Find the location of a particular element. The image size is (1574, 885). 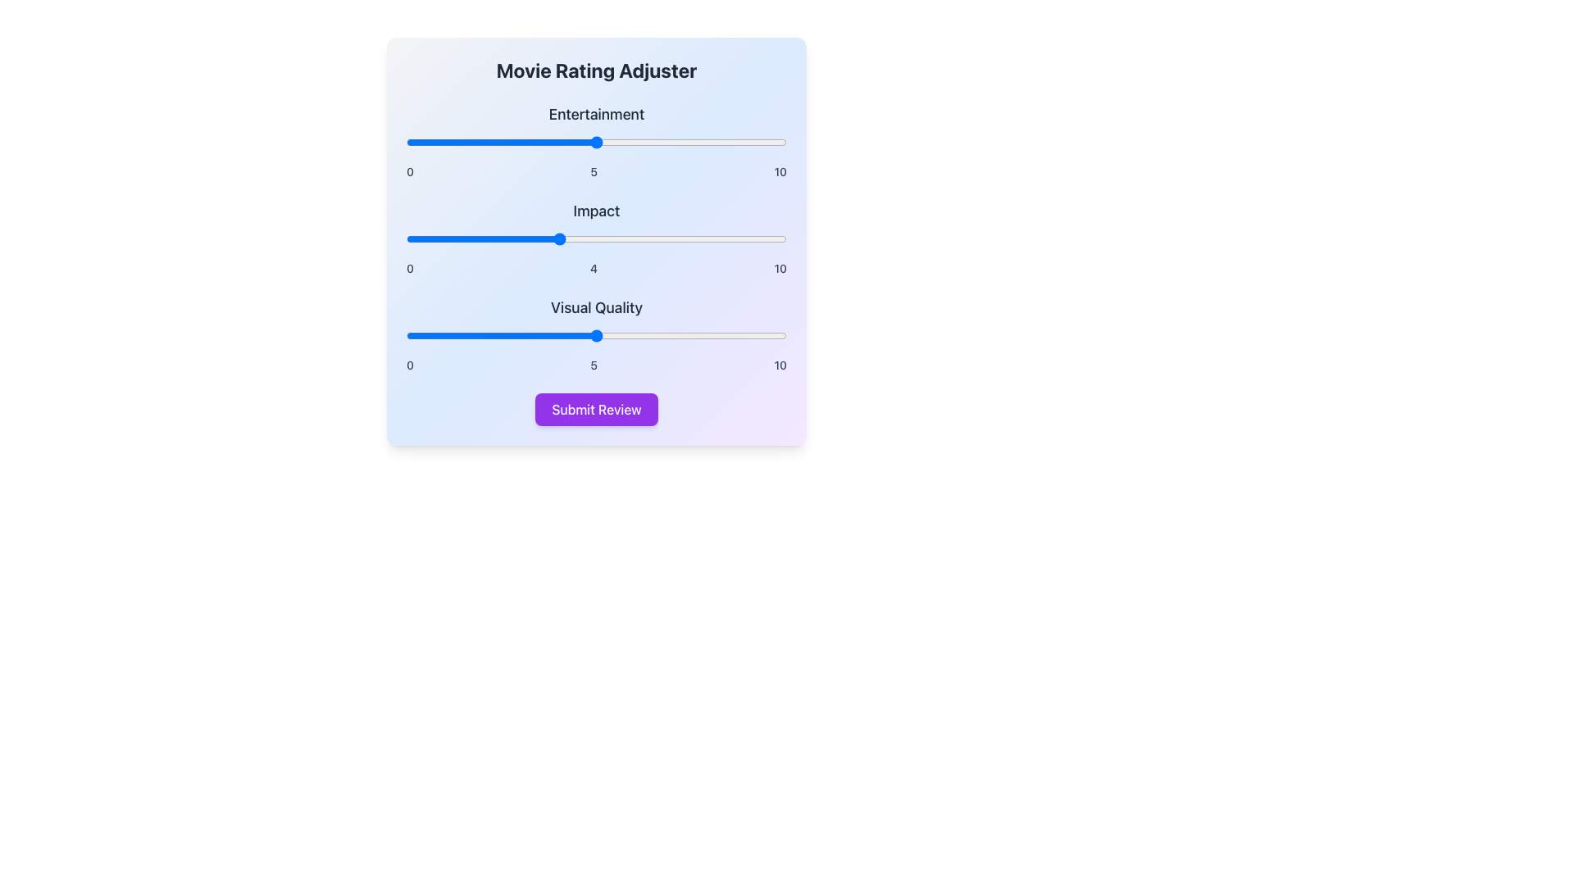

the rectangular button with a purple background and white bold text that reads 'Submit Review' to observe its interactivity is located at coordinates (596, 409).